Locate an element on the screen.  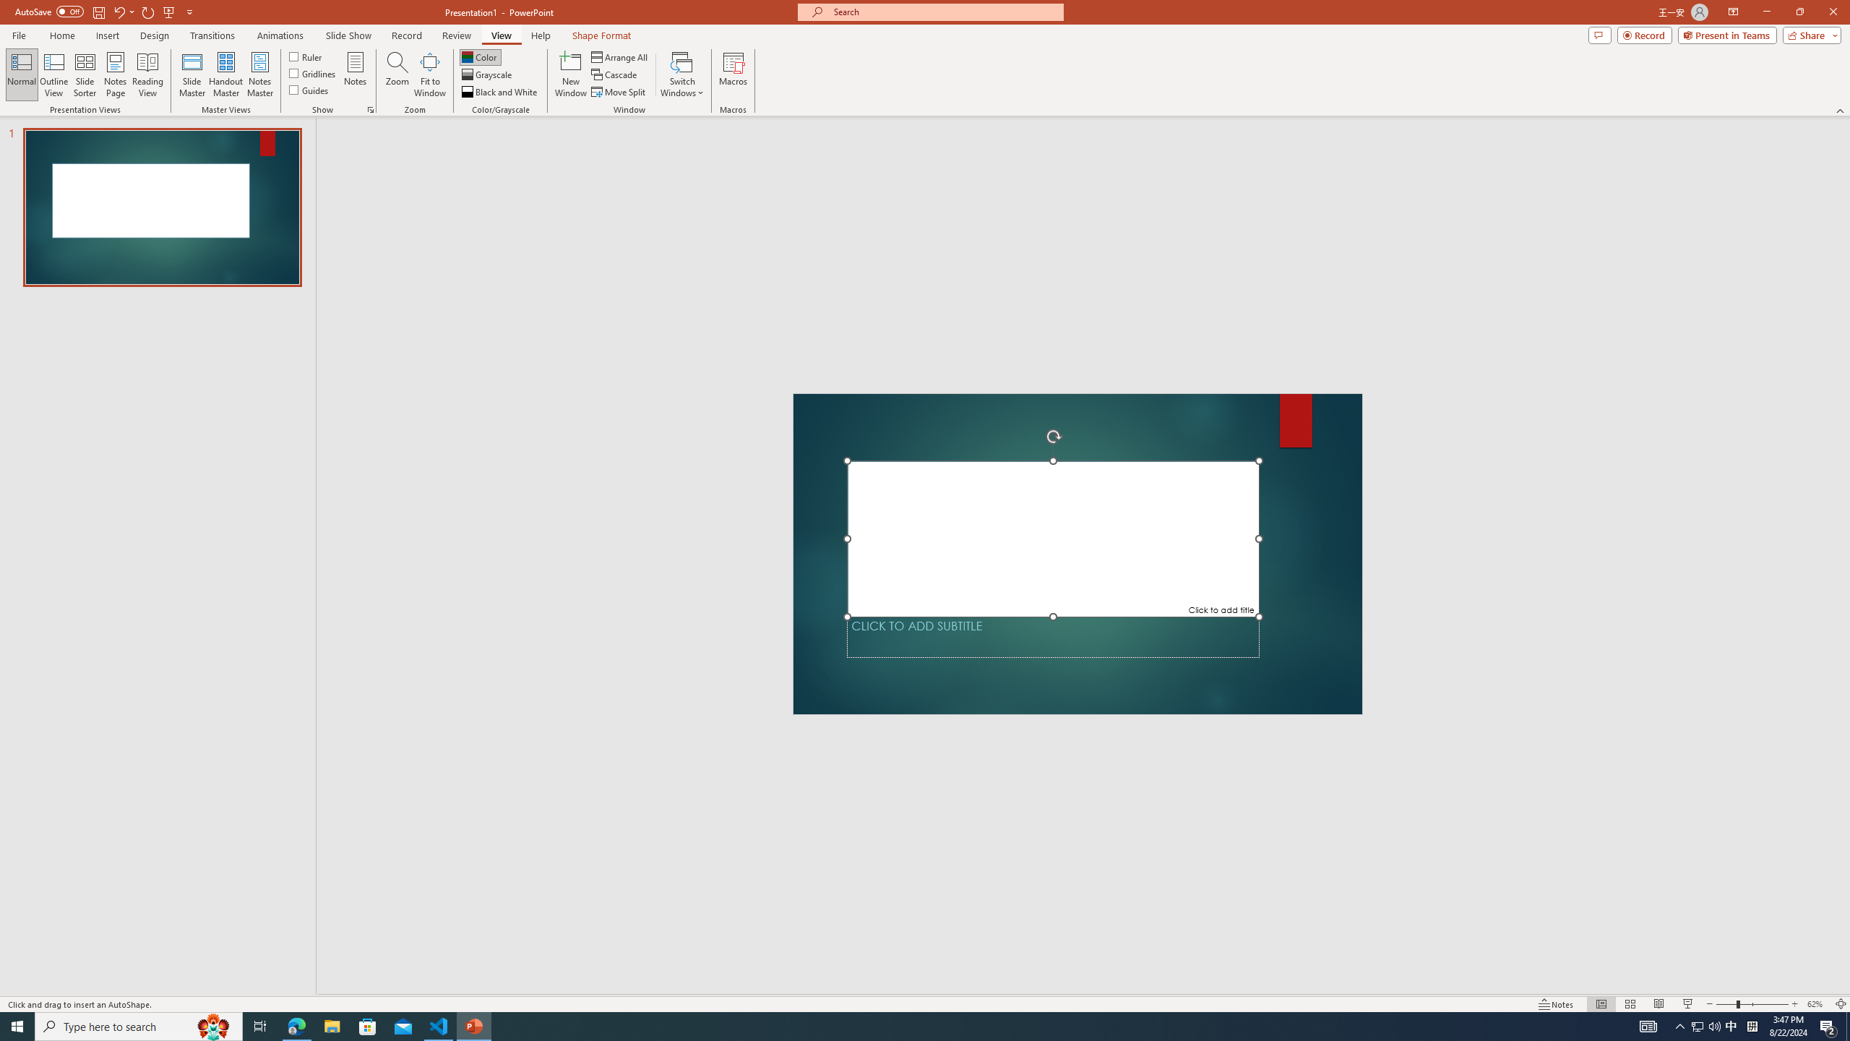
'Color' is located at coordinates (480, 56).